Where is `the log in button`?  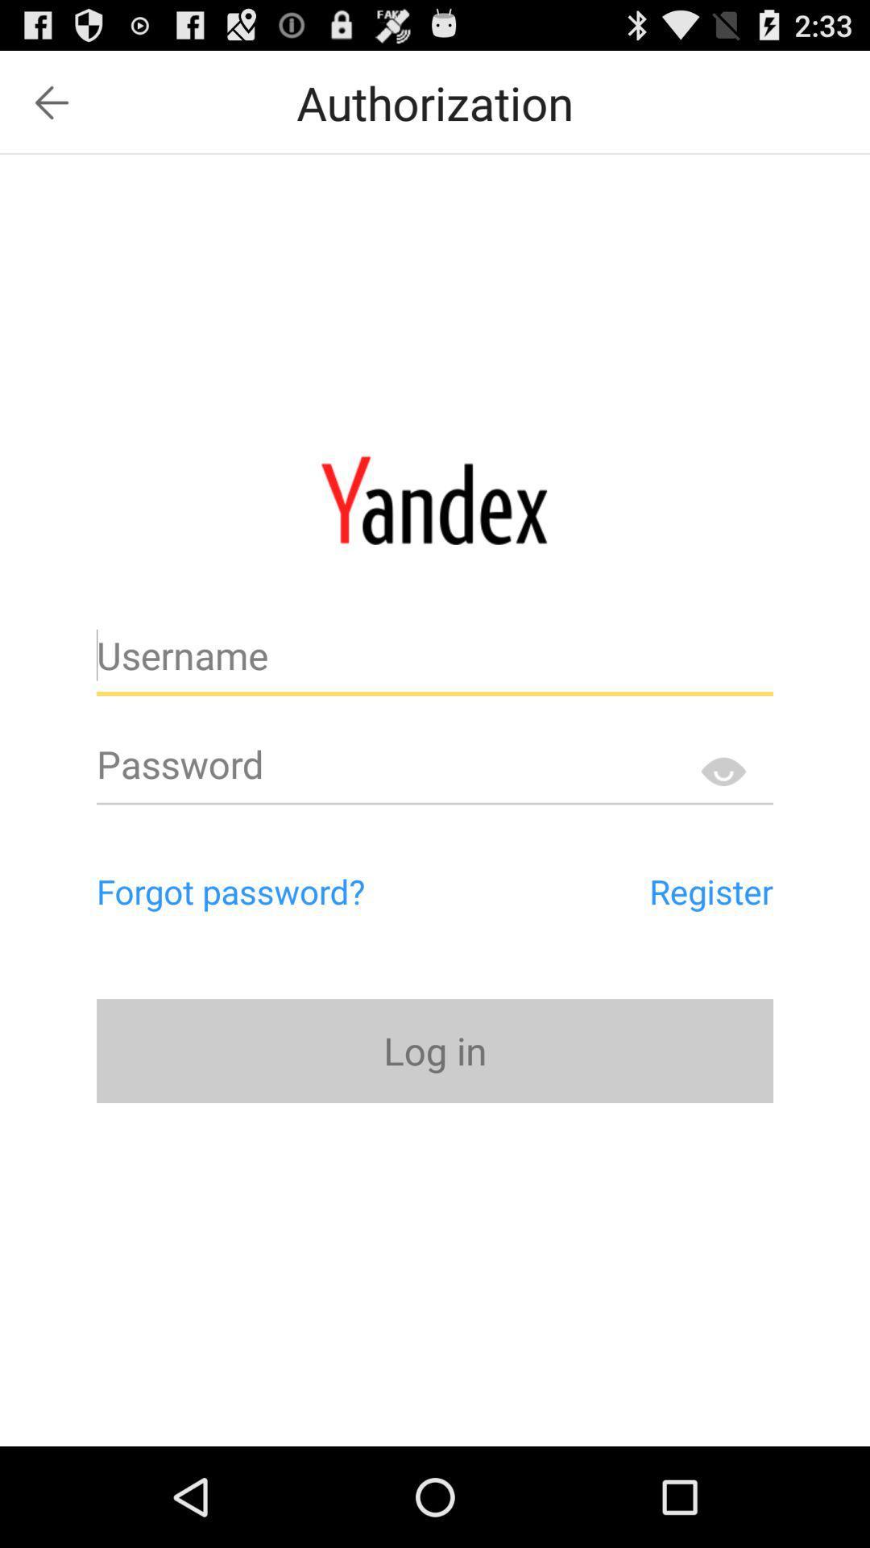
the log in button is located at coordinates (435, 1051).